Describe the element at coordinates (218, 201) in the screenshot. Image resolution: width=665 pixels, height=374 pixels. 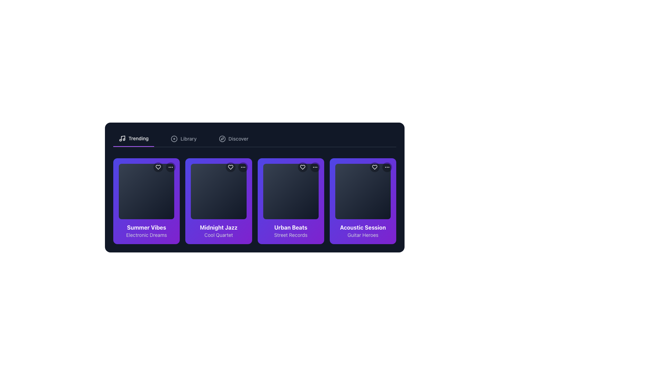
I see `the second card in the grid, which represents an item for selection` at that location.